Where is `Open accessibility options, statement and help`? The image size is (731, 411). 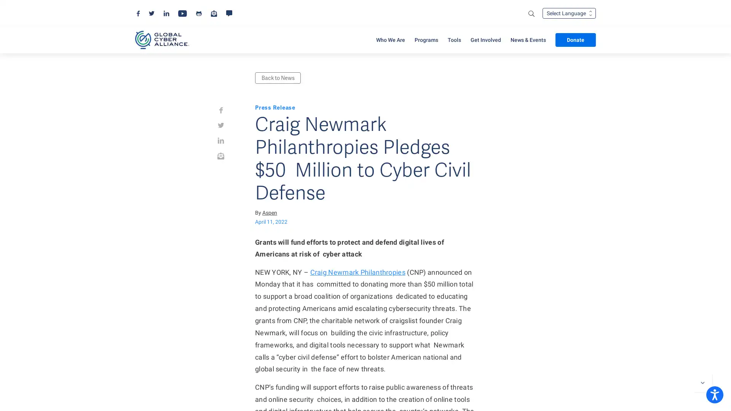
Open accessibility options, statement and help is located at coordinates (714, 394).